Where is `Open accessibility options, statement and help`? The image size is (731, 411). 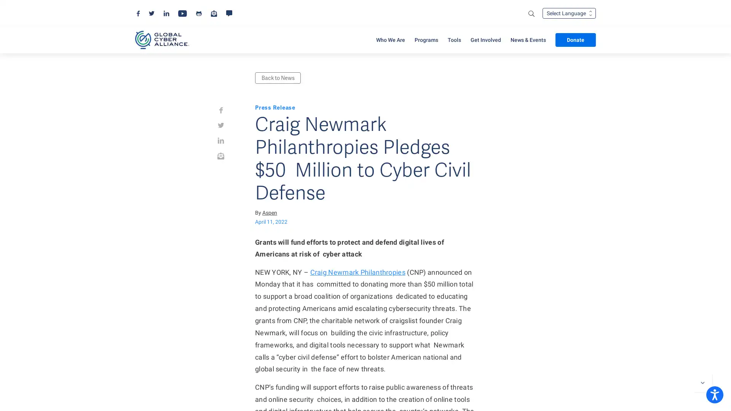
Open accessibility options, statement and help is located at coordinates (714, 394).